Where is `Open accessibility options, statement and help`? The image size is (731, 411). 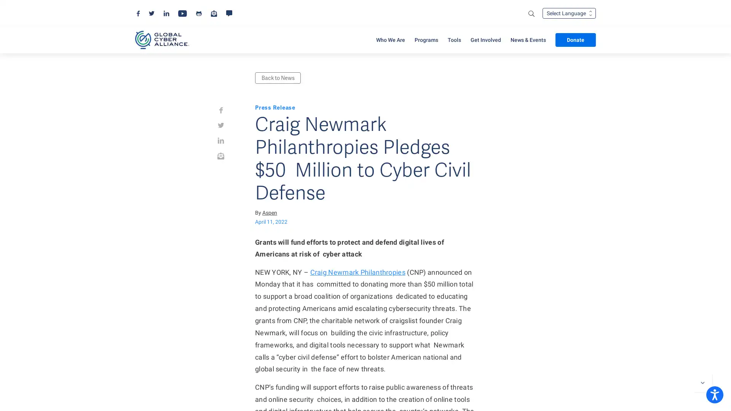
Open accessibility options, statement and help is located at coordinates (714, 394).